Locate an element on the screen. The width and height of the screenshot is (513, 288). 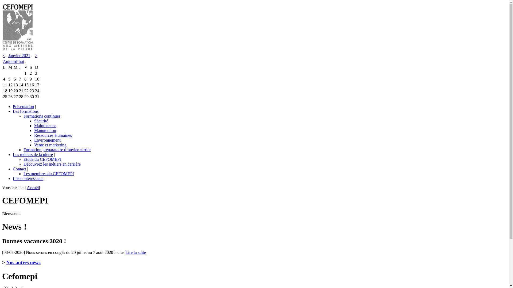
'Accueil' is located at coordinates (26, 187).